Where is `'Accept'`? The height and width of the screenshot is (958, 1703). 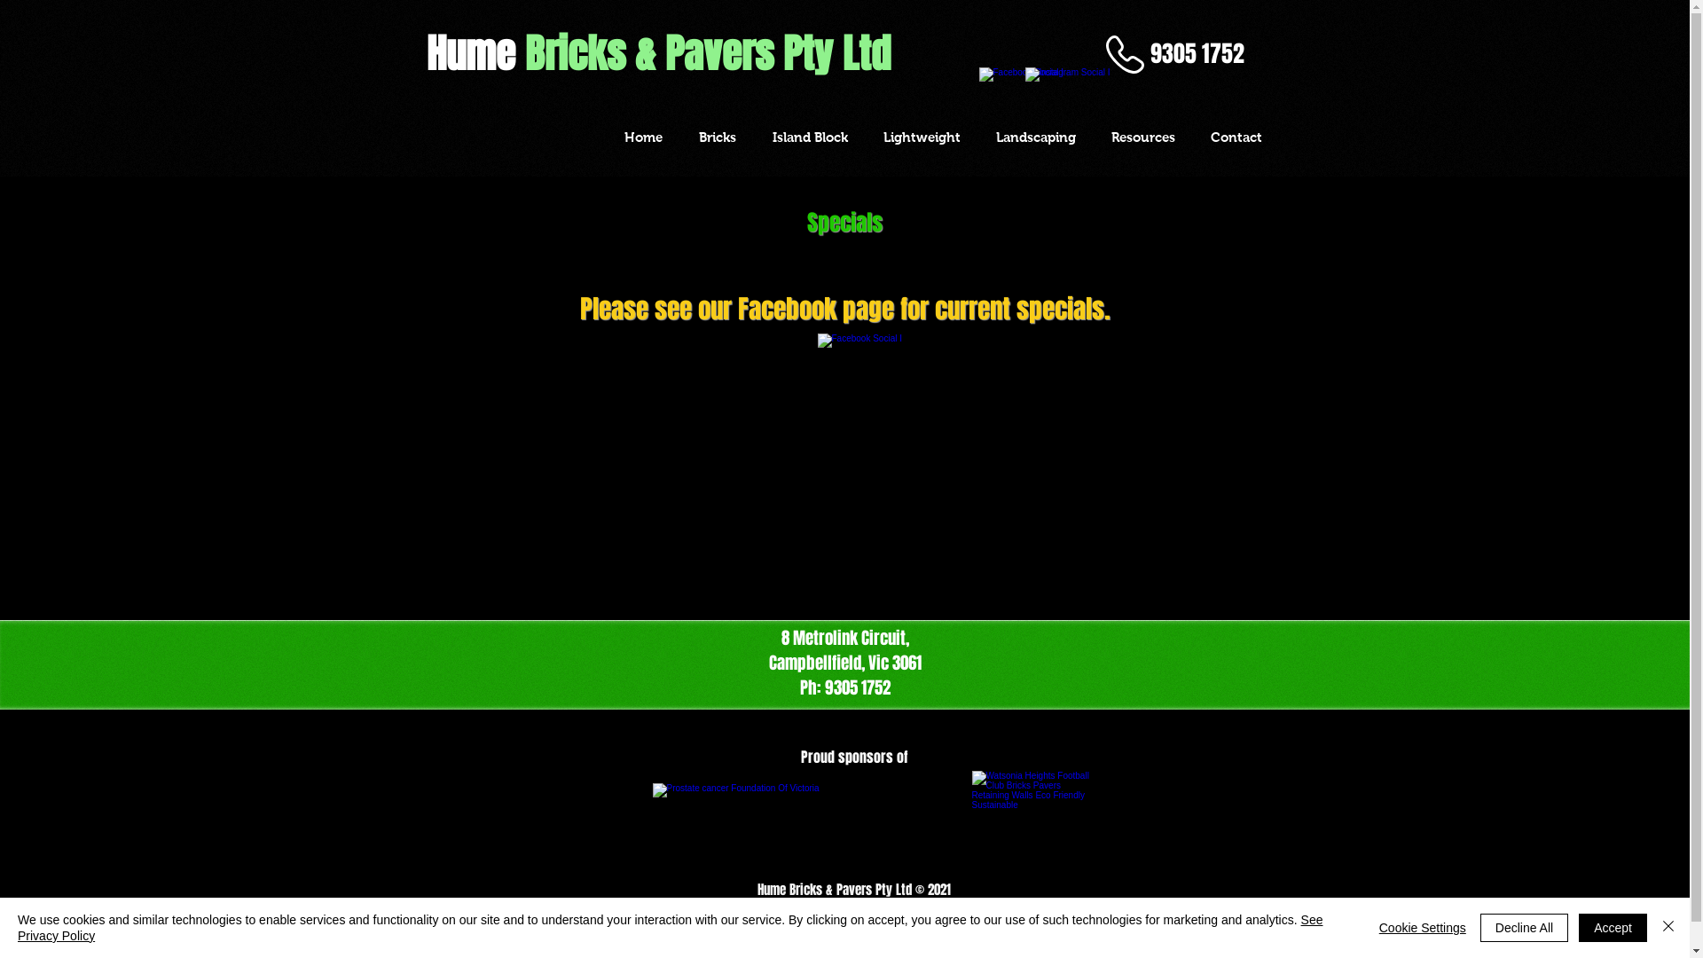
'Accept' is located at coordinates (1613, 926).